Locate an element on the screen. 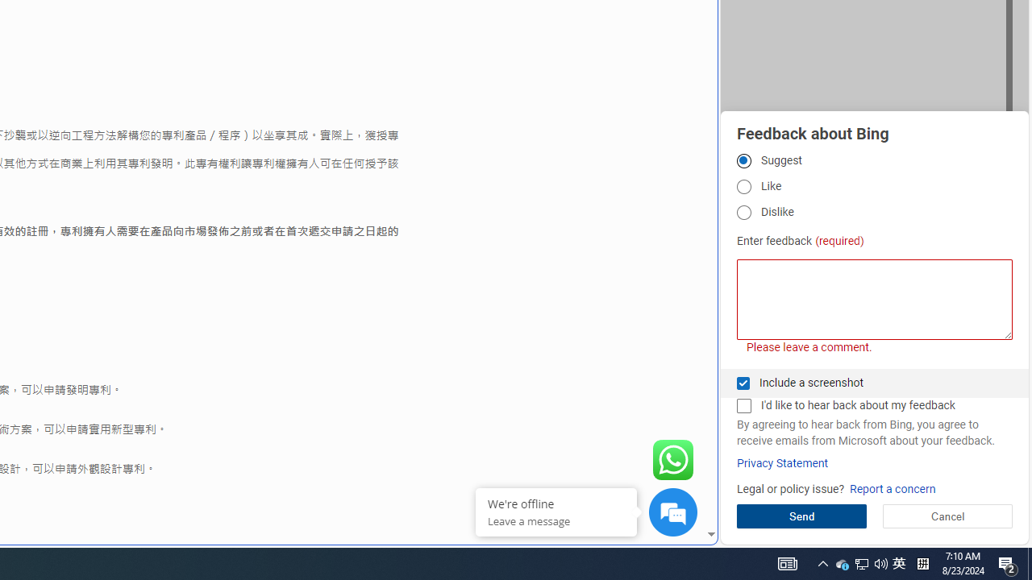 The height and width of the screenshot is (580, 1032). 'Include a screenshot' is located at coordinates (743, 383).